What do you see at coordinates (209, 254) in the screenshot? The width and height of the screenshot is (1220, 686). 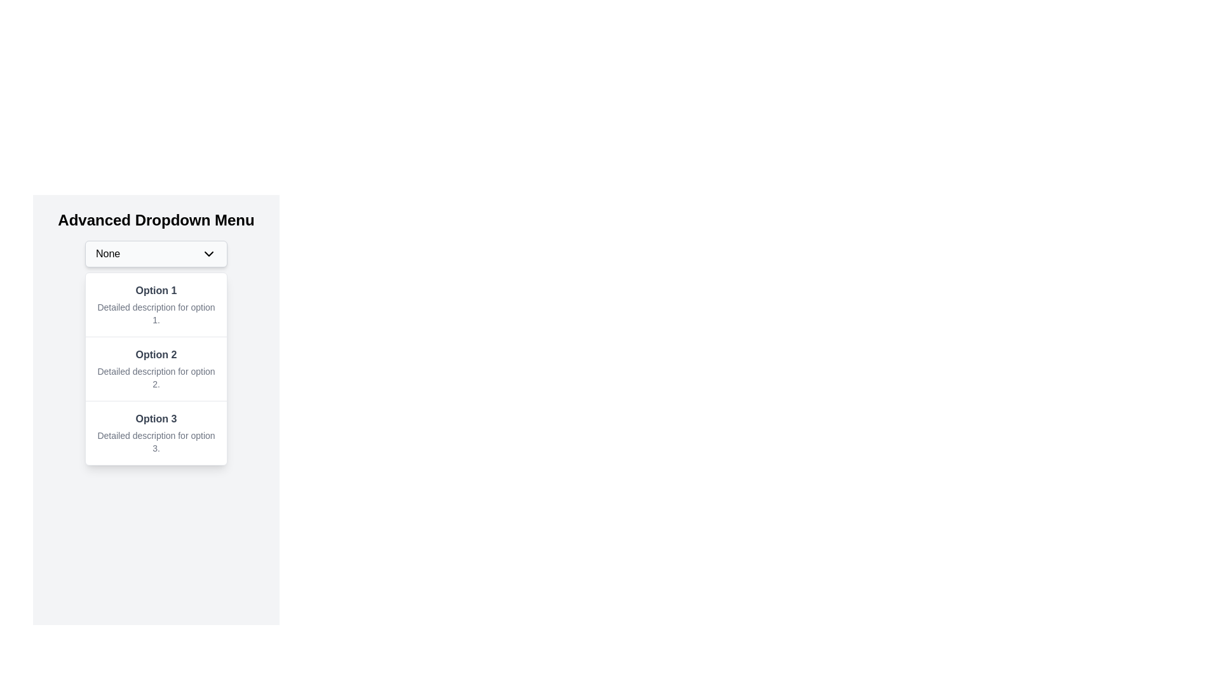 I see `the downward-pointing arrow icon located on the far right of the dropdown menu header` at bounding box center [209, 254].